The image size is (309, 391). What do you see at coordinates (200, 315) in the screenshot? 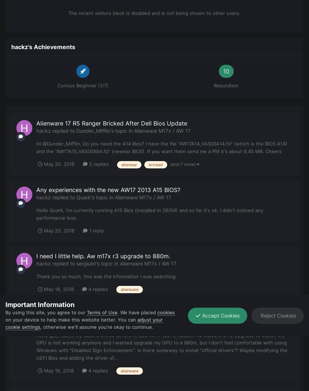
I see `'Accept Cookies'` at bounding box center [200, 315].